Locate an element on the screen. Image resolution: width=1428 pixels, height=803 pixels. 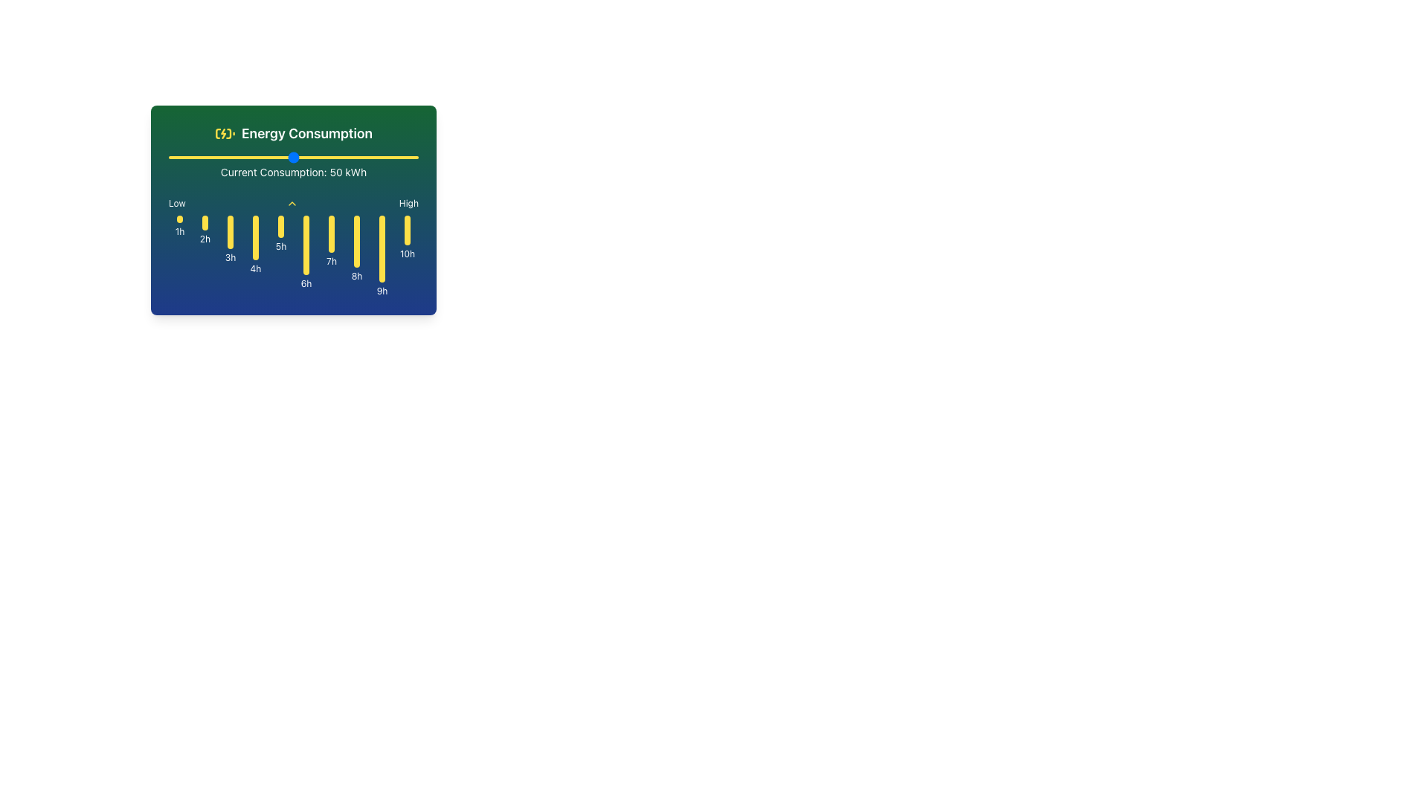
current consumption is located at coordinates (353, 158).